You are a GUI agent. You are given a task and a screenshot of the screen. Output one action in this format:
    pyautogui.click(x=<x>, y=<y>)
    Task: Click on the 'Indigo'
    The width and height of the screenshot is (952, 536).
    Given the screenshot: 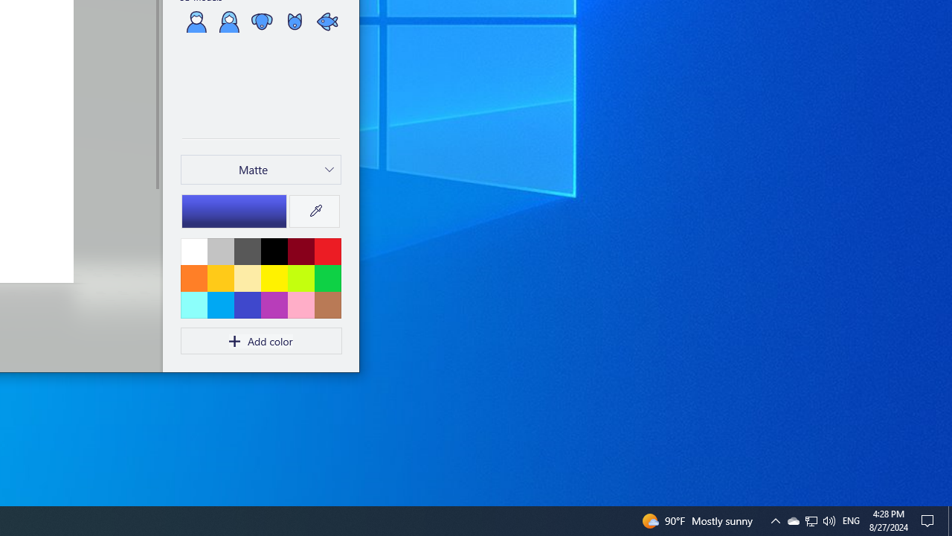 What is the action you would take?
    pyautogui.click(x=247, y=304)
    